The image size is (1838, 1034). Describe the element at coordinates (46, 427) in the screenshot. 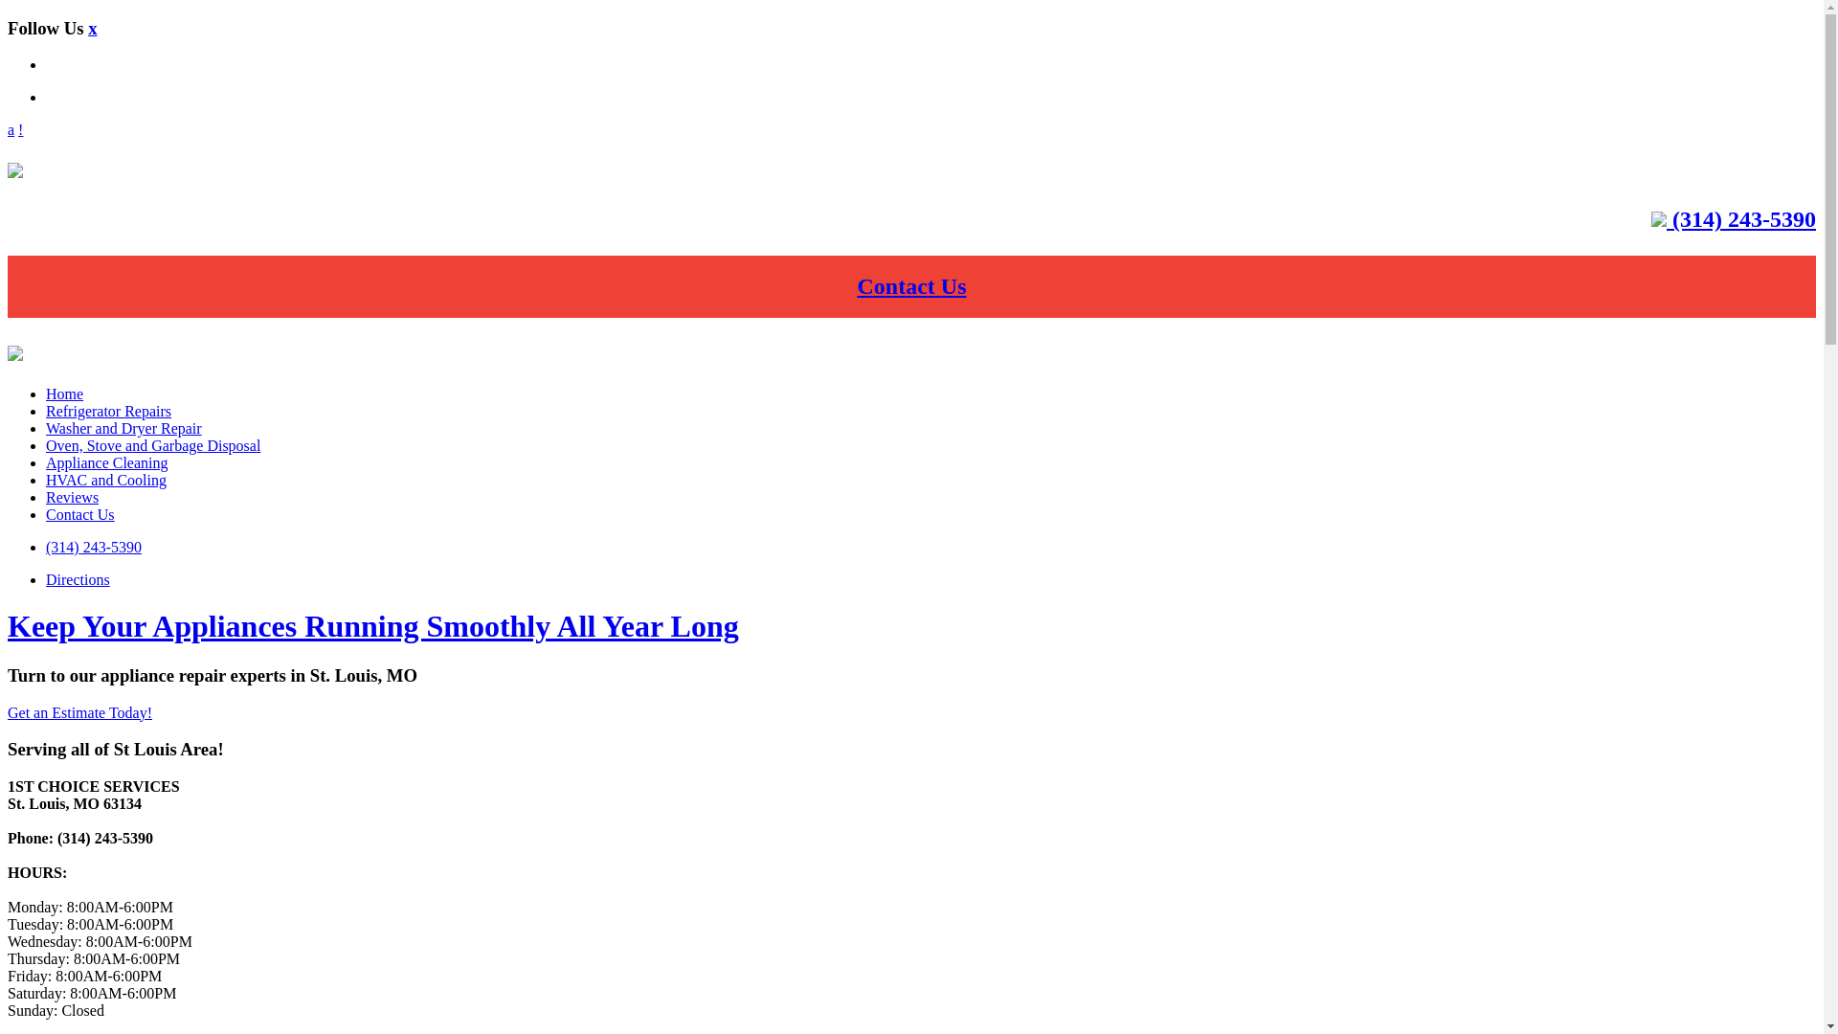

I see `'Washer and Dryer Repair'` at that location.